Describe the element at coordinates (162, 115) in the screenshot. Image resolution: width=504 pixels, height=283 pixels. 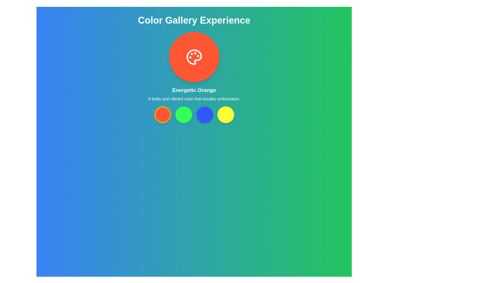
I see `the first circular button under the title 'Energetic Orange'` at that location.